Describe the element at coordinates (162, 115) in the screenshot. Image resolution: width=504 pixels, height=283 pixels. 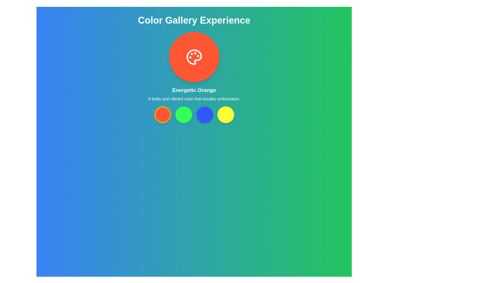
I see `the first circular button under the title 'Energetic Orange'` at that location.